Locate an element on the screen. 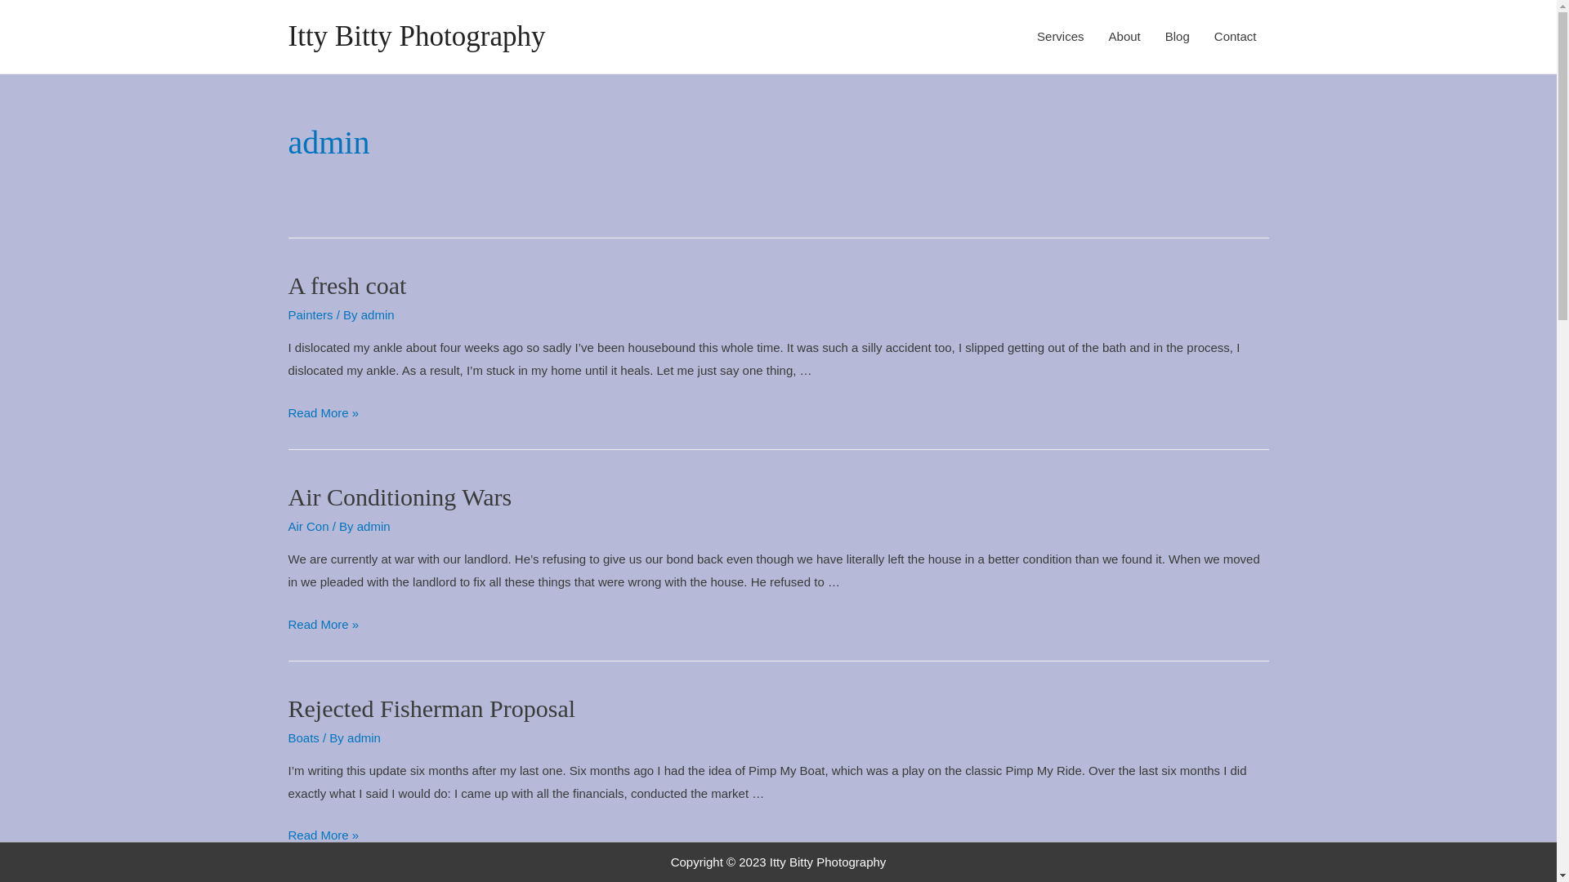 This screenshot has height=882, width=1569. 'About' is located at coordinates (1097, 37).